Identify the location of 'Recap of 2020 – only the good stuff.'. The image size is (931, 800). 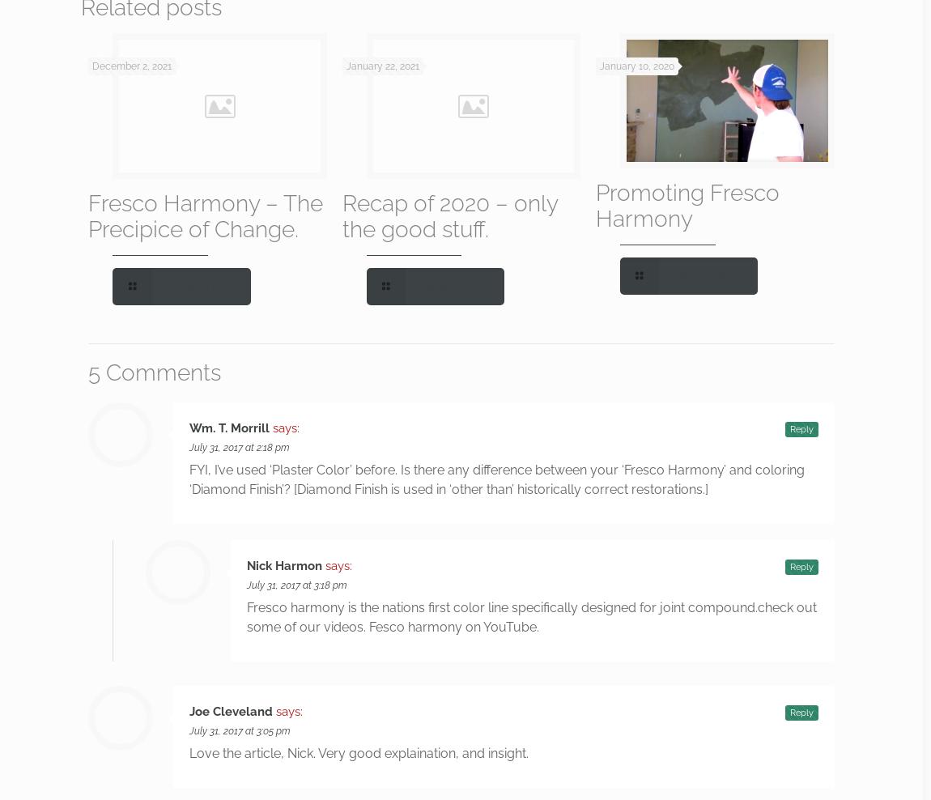
(448, 215).